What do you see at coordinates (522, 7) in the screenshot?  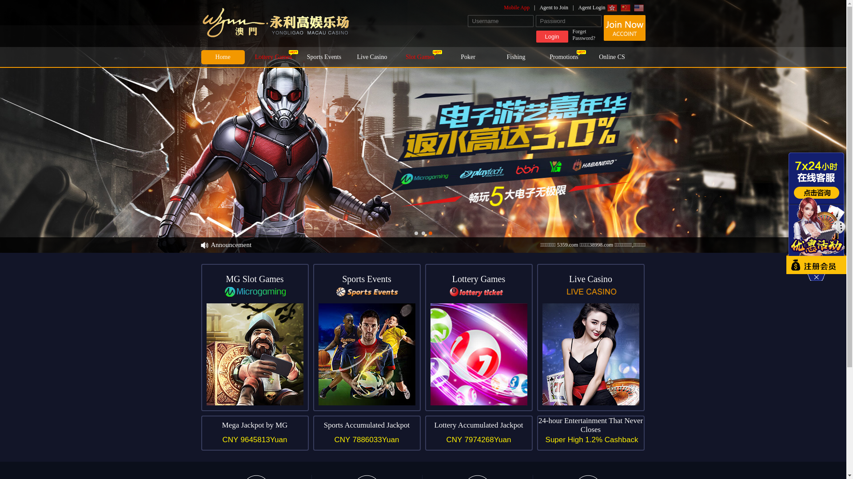 I see `'Mobile App'` at bounding box center [522, 7].